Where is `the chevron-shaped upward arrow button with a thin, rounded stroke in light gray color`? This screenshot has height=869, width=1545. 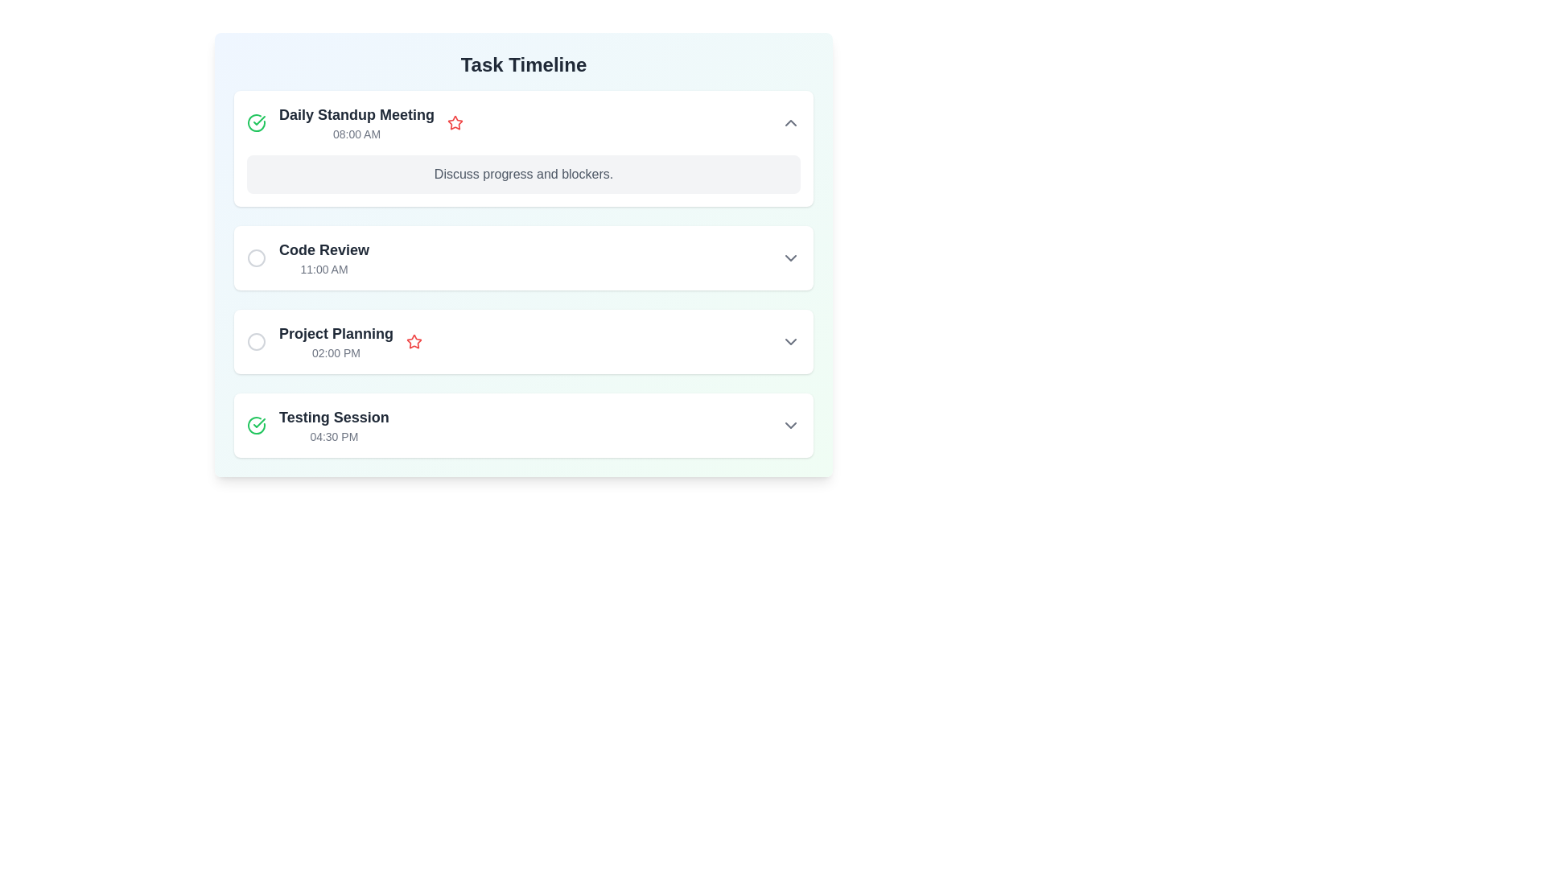 the chevron-shaped upward arrow button with a thin, rounded stroke in light gray color is located at coordinates (791, 122).